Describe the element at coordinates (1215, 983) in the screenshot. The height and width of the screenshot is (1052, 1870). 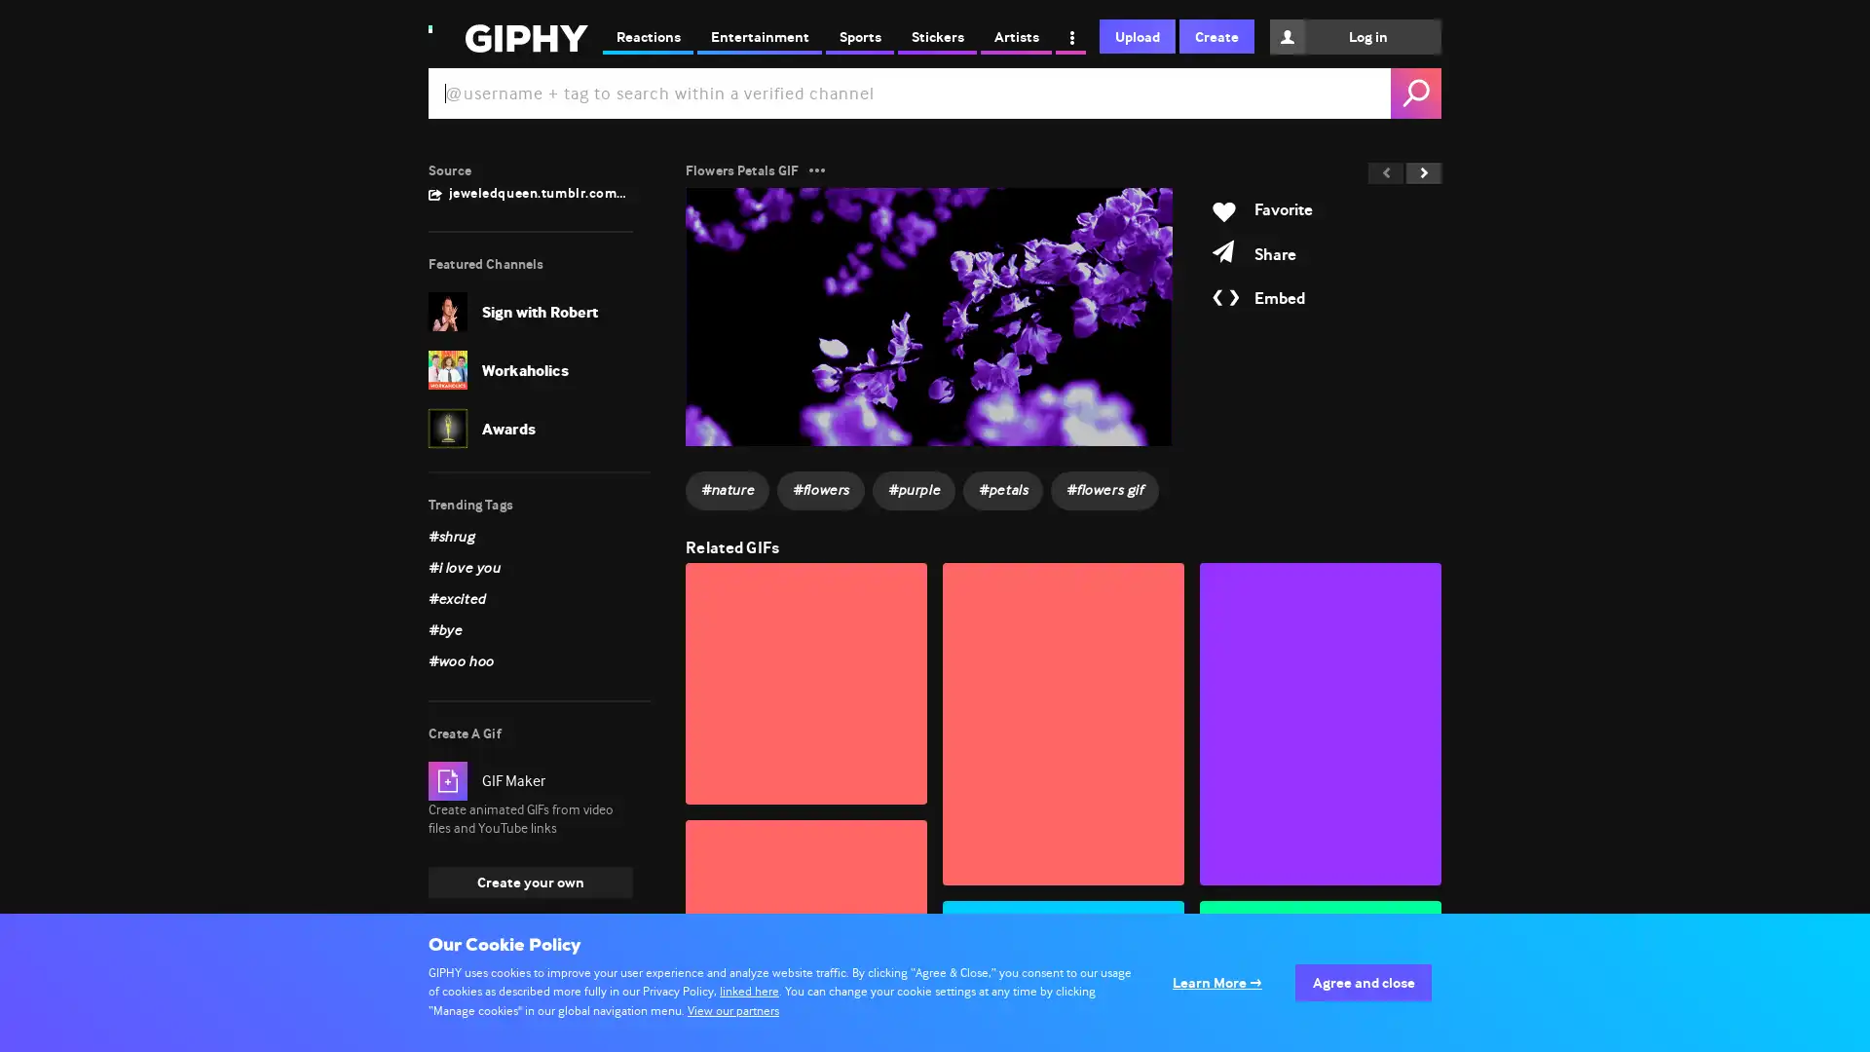
I see `Configure your consents` at that location.